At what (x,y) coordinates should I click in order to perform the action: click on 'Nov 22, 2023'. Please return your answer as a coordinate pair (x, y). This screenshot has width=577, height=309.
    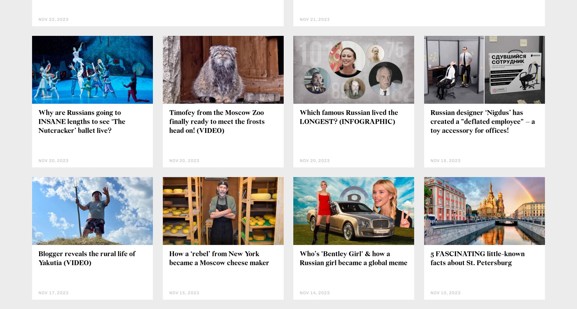
    Looking at the image, I should click on (54, 19).